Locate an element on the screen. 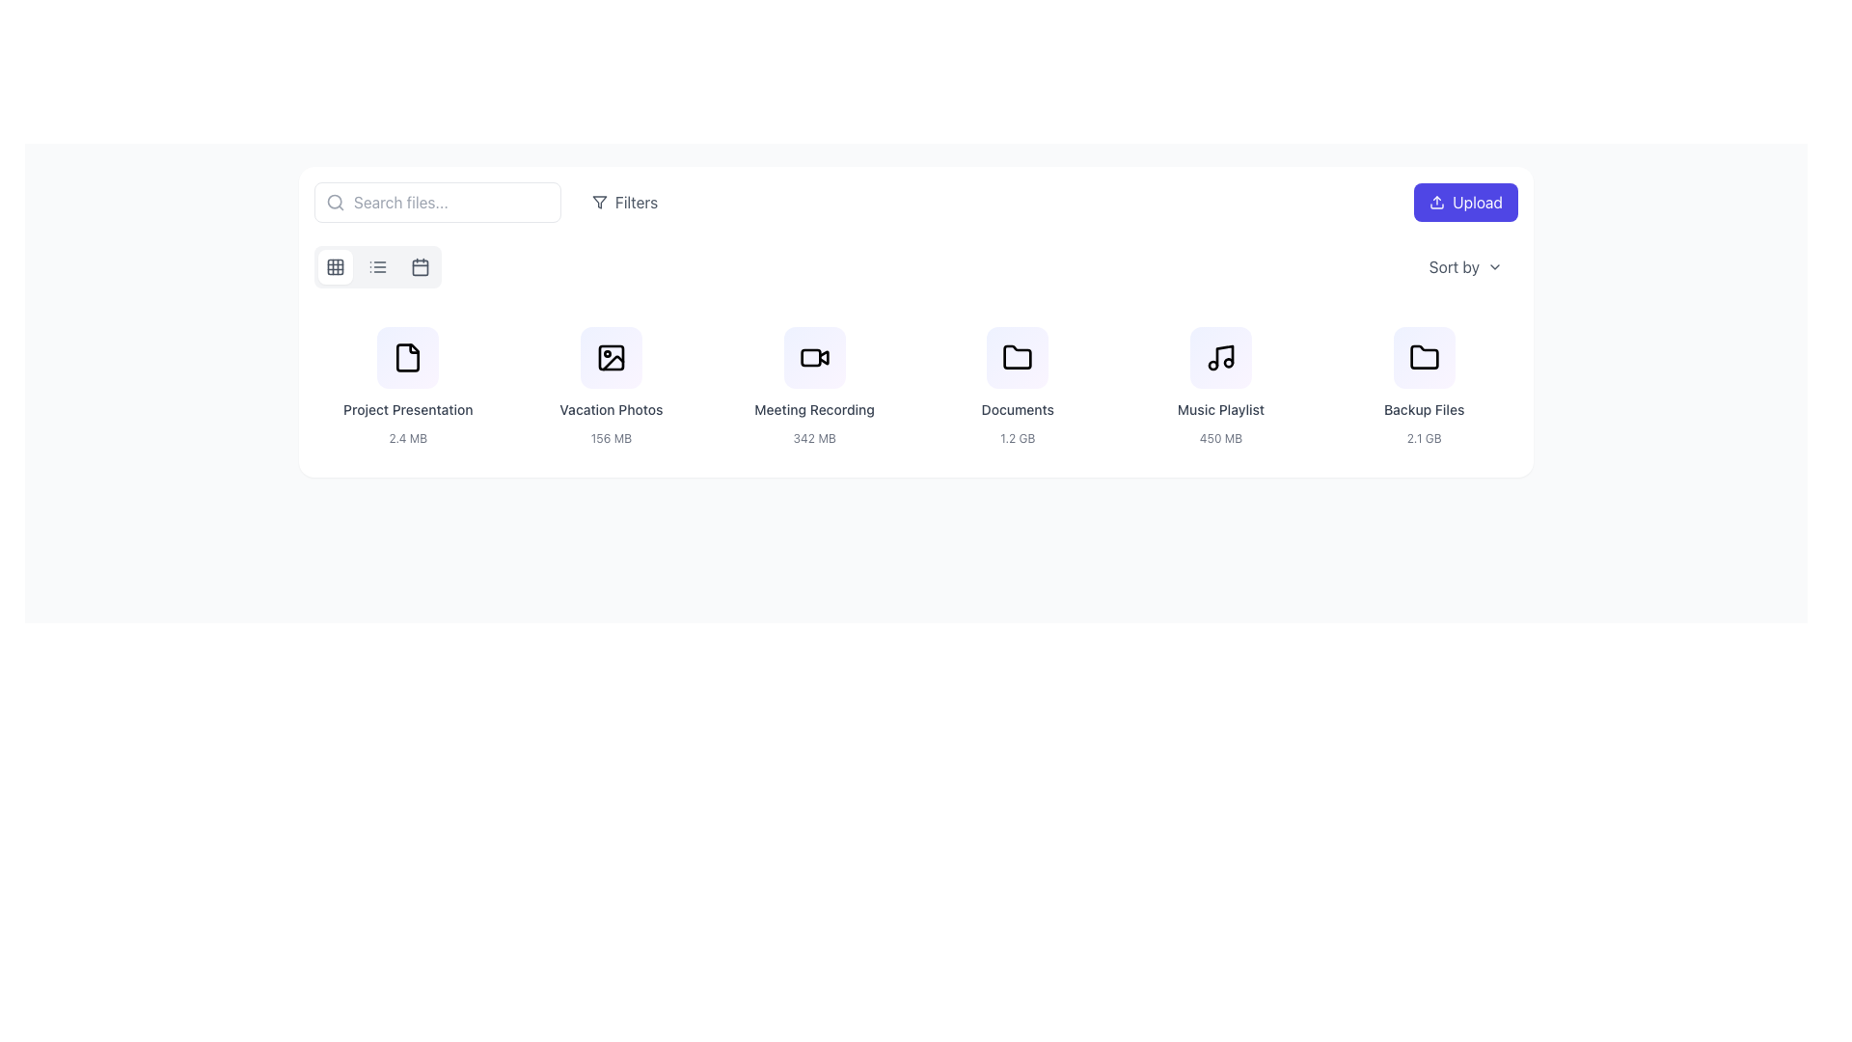 This screenshot has height=1042, width=1852. the 'Upload' text label within the button located in the top-right corner of the interface is located at coordinates (1477, 202).